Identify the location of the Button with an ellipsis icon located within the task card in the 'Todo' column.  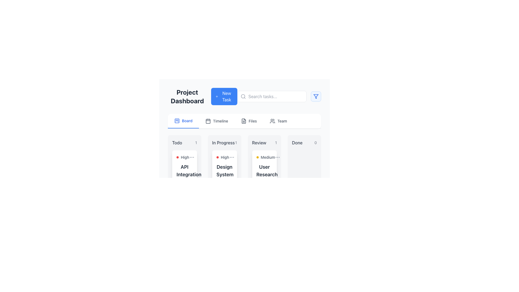
(192, 157).